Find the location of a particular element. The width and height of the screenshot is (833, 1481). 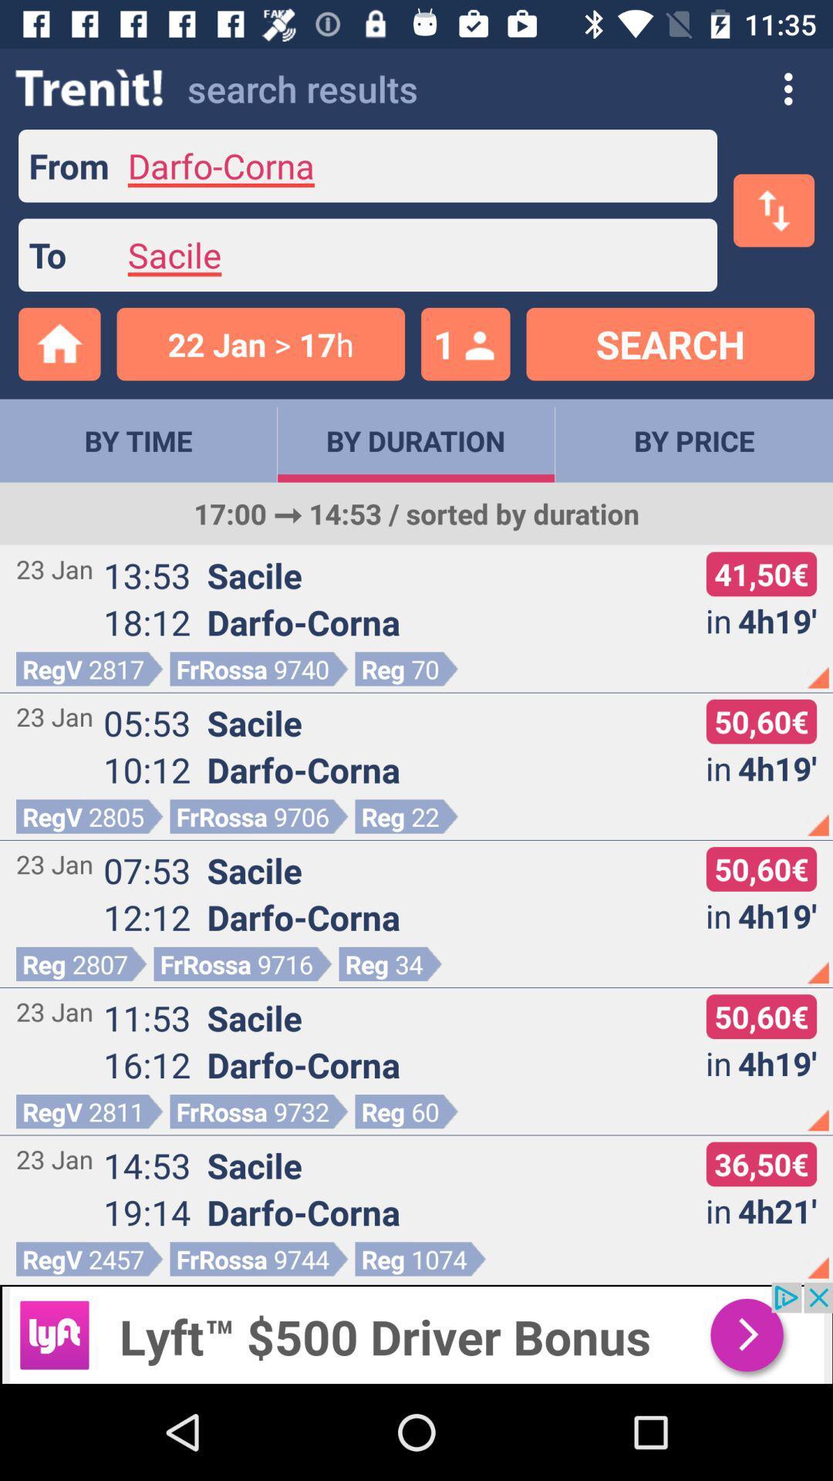

connect to advertisement is located at coordinates (416, 1332).